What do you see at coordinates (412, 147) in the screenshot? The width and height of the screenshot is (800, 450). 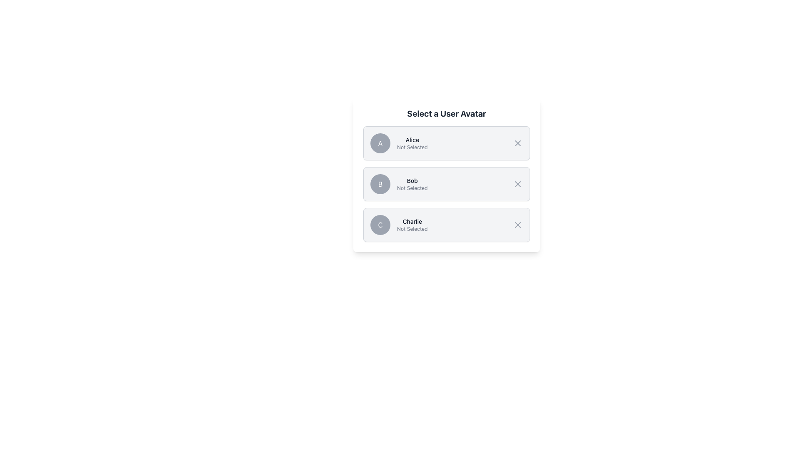 I see `the text label indicating the selection status ('Not Selected') for the user 'Alice', located in the first row of the list, under the name 'Alice' and to the right of the avatar icon` at bounding box center [412, 147].